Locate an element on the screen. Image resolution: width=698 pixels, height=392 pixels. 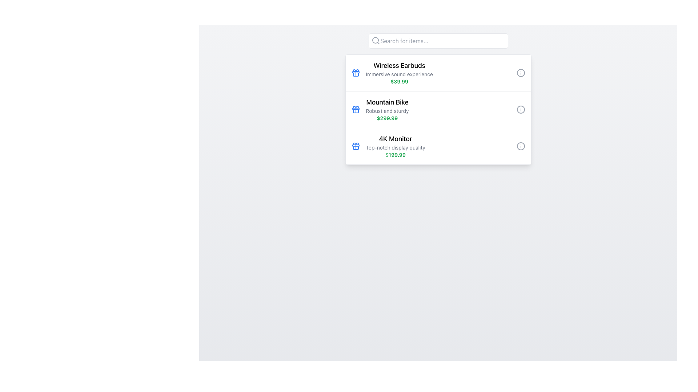
the Decorative rectangle element, which is part of the SVG icon accompanying the 'Wireless Earbuds' text, located at the top of the gift box icon is located at coordinates (356, 72).